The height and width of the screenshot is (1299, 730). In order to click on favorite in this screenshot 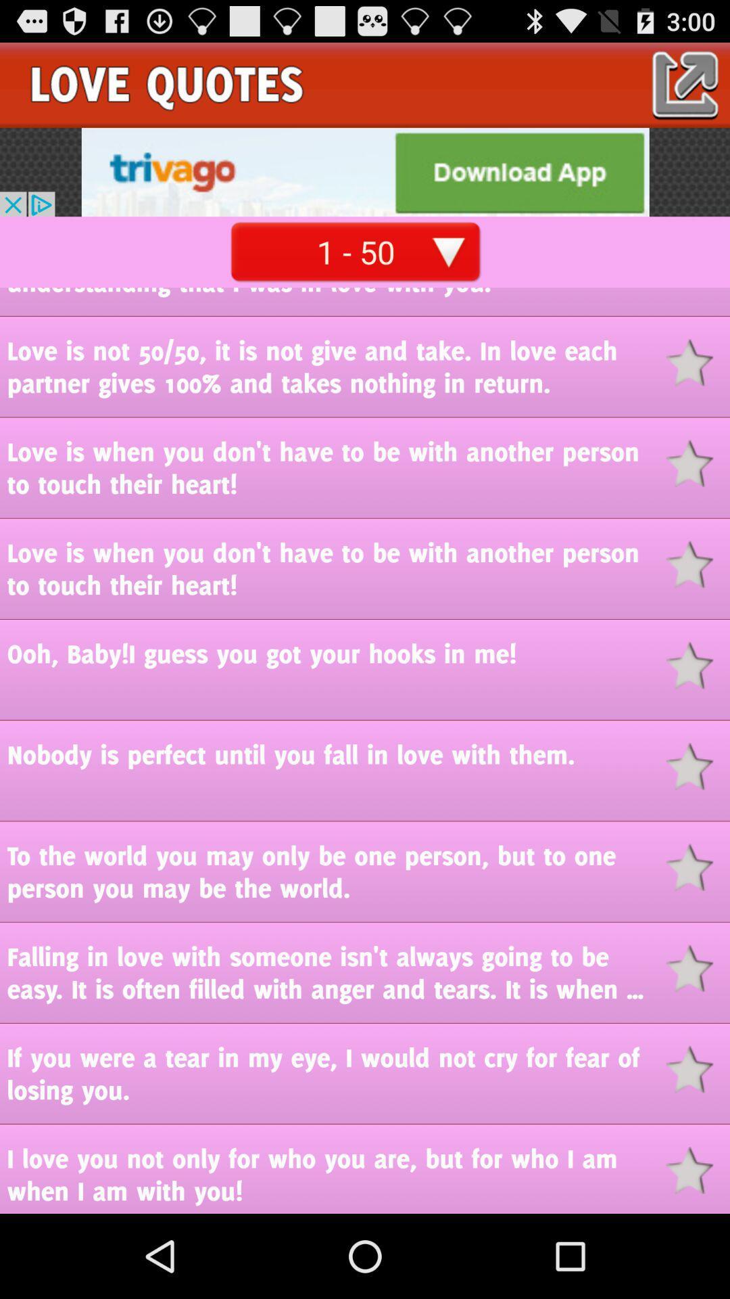, I will do `click(698, 463)`.